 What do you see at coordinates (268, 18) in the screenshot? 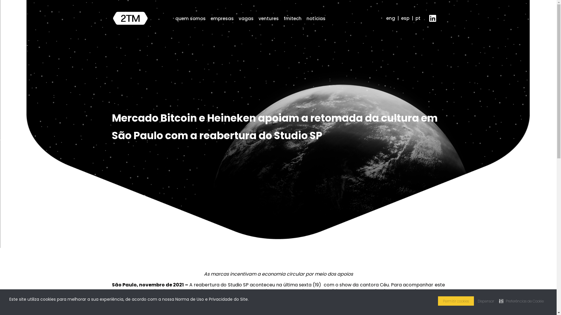
I see `'ventures'` at bounding box center [268, 18].